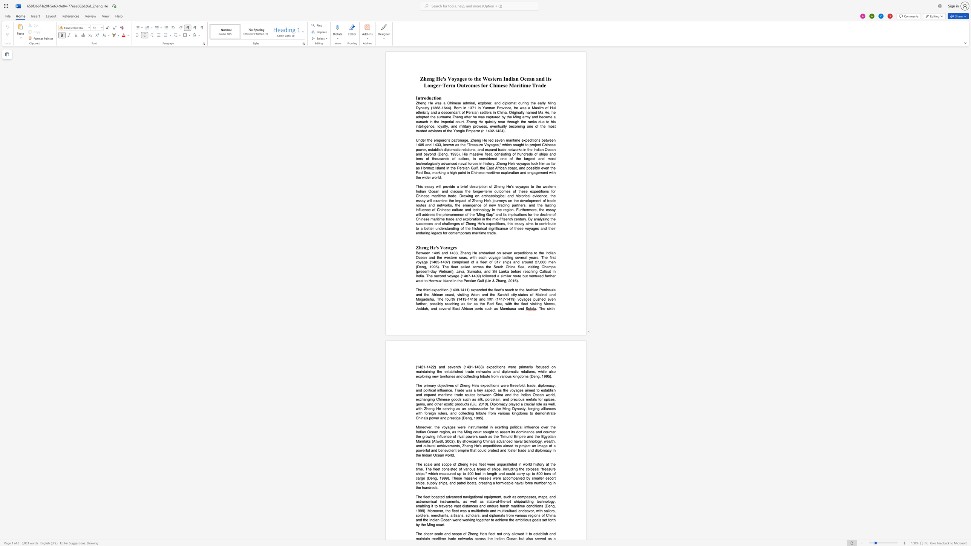 Image resolution: width=971 pixels, height=546 pixels. I want to click on the subset text "Voyages" within the text "Zheng He", so click(439, 247).